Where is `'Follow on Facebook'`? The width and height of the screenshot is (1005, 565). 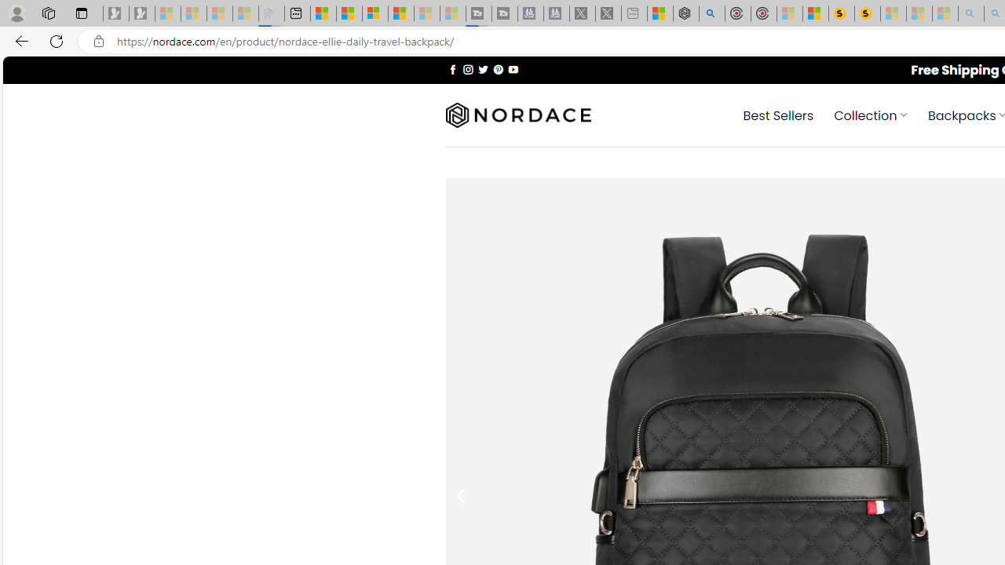
'Follow on Facebook' is located at coordinates (452, 68).